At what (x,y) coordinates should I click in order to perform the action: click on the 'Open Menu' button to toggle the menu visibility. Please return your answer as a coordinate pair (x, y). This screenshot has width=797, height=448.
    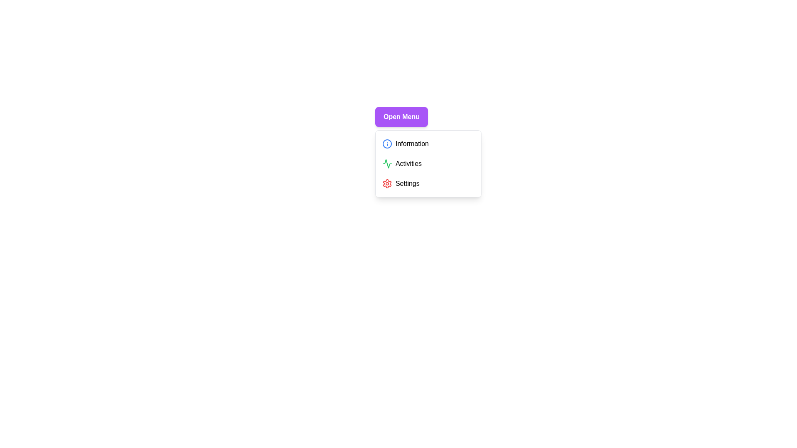
    Looking at the image, I should click on (401, 117).